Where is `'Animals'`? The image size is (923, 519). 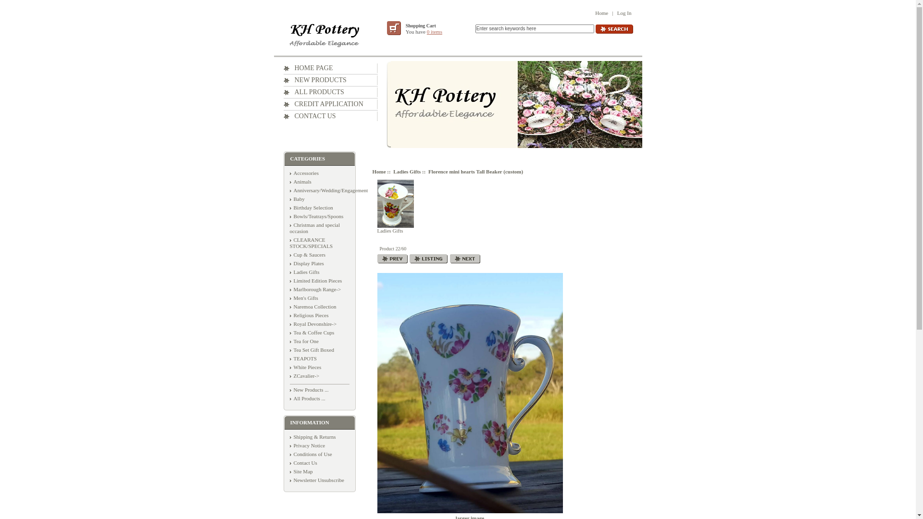 'Animals' is located at coordinates (299, 182).